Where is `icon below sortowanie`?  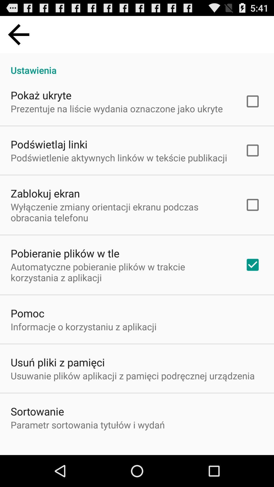 icon below sortowanie is located at coordinates (87, 425).